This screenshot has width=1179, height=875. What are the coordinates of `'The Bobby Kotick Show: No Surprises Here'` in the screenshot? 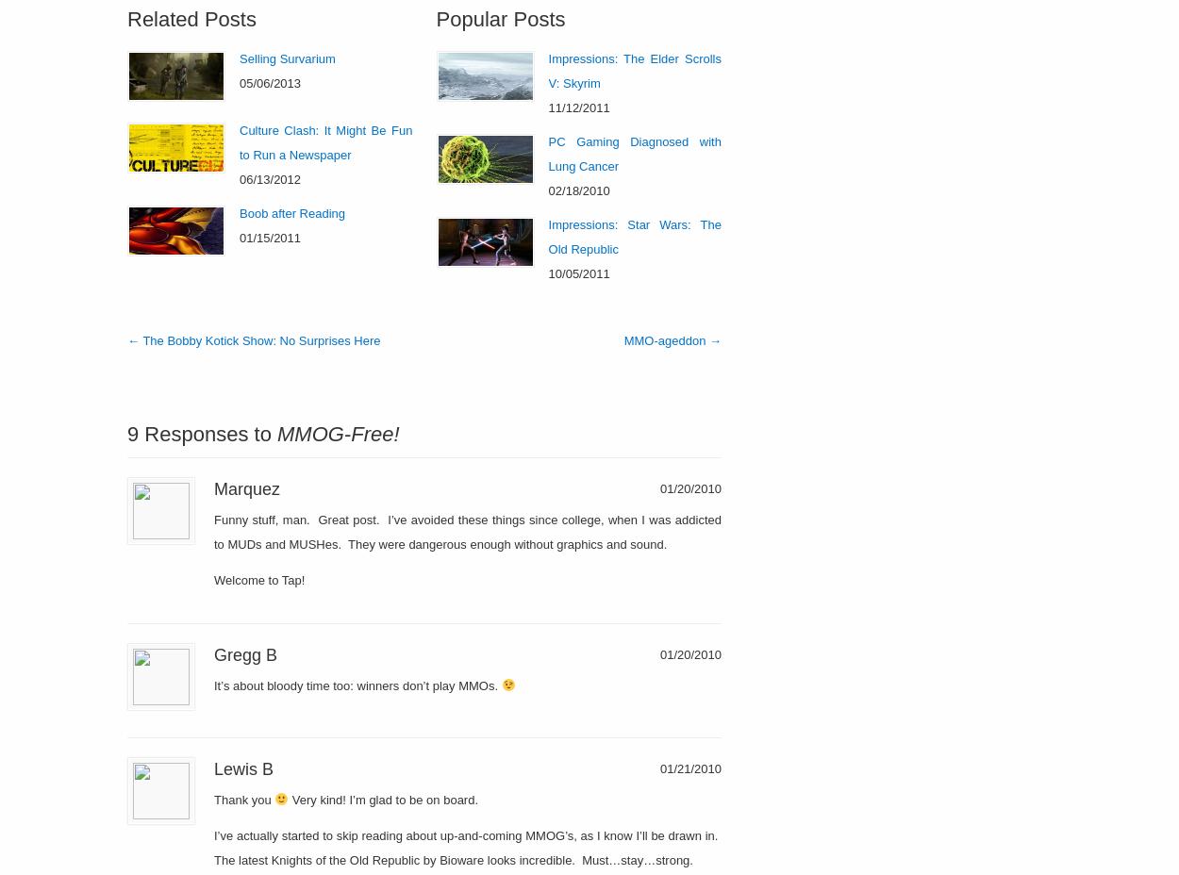 It's located at (140, 339).